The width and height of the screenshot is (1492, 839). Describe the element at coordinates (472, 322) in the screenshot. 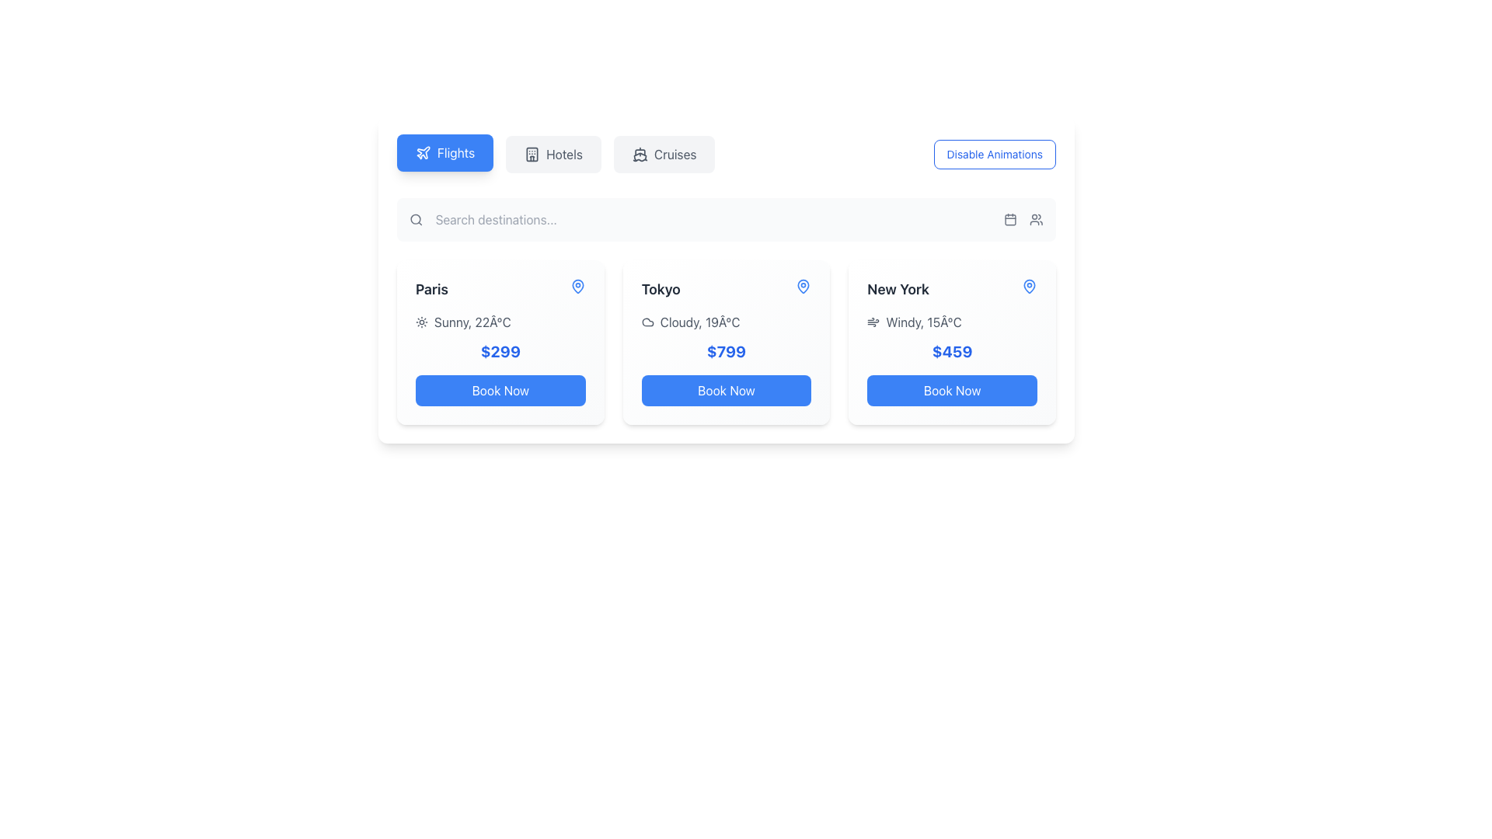

I see `the static text label displaying weather conditions ('Sunny' and '22°C') for Paris, located within the card under the label 'Paris'` at that location.